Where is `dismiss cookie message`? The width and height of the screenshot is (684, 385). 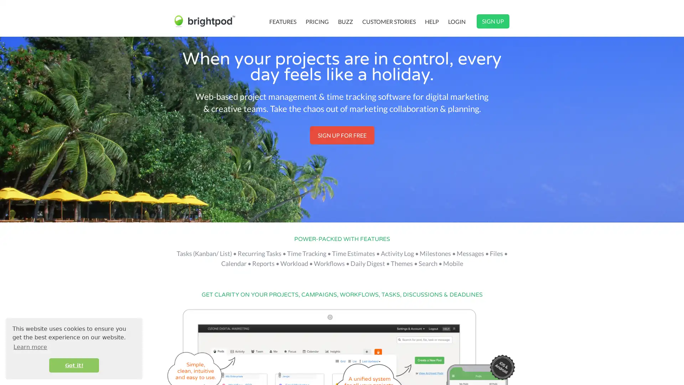
dismiss cookie message is located at coordinates (74, 365).